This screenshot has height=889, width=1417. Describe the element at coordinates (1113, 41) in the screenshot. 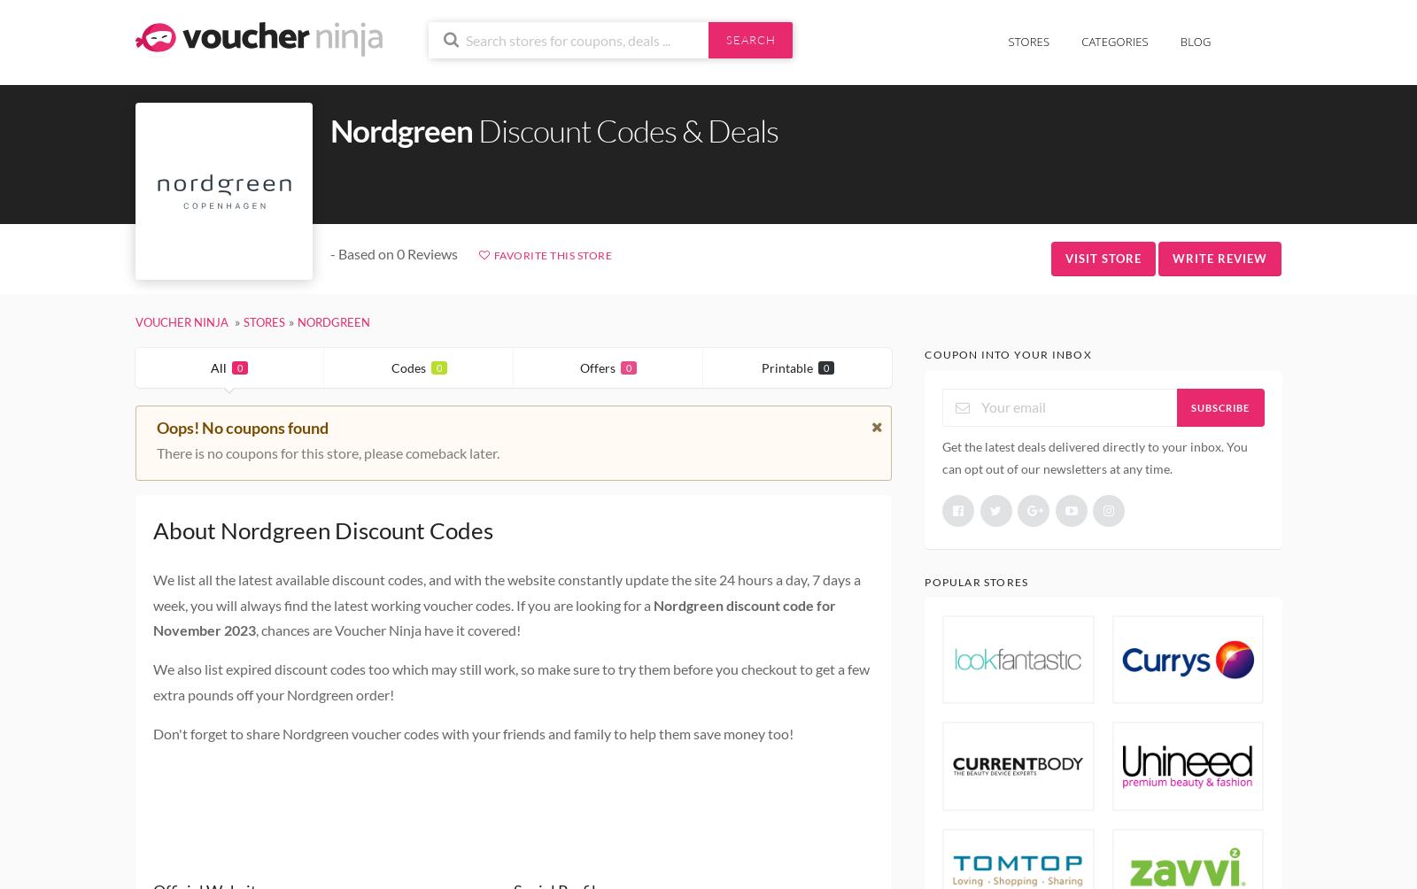

I see `'Categories'` at that location.